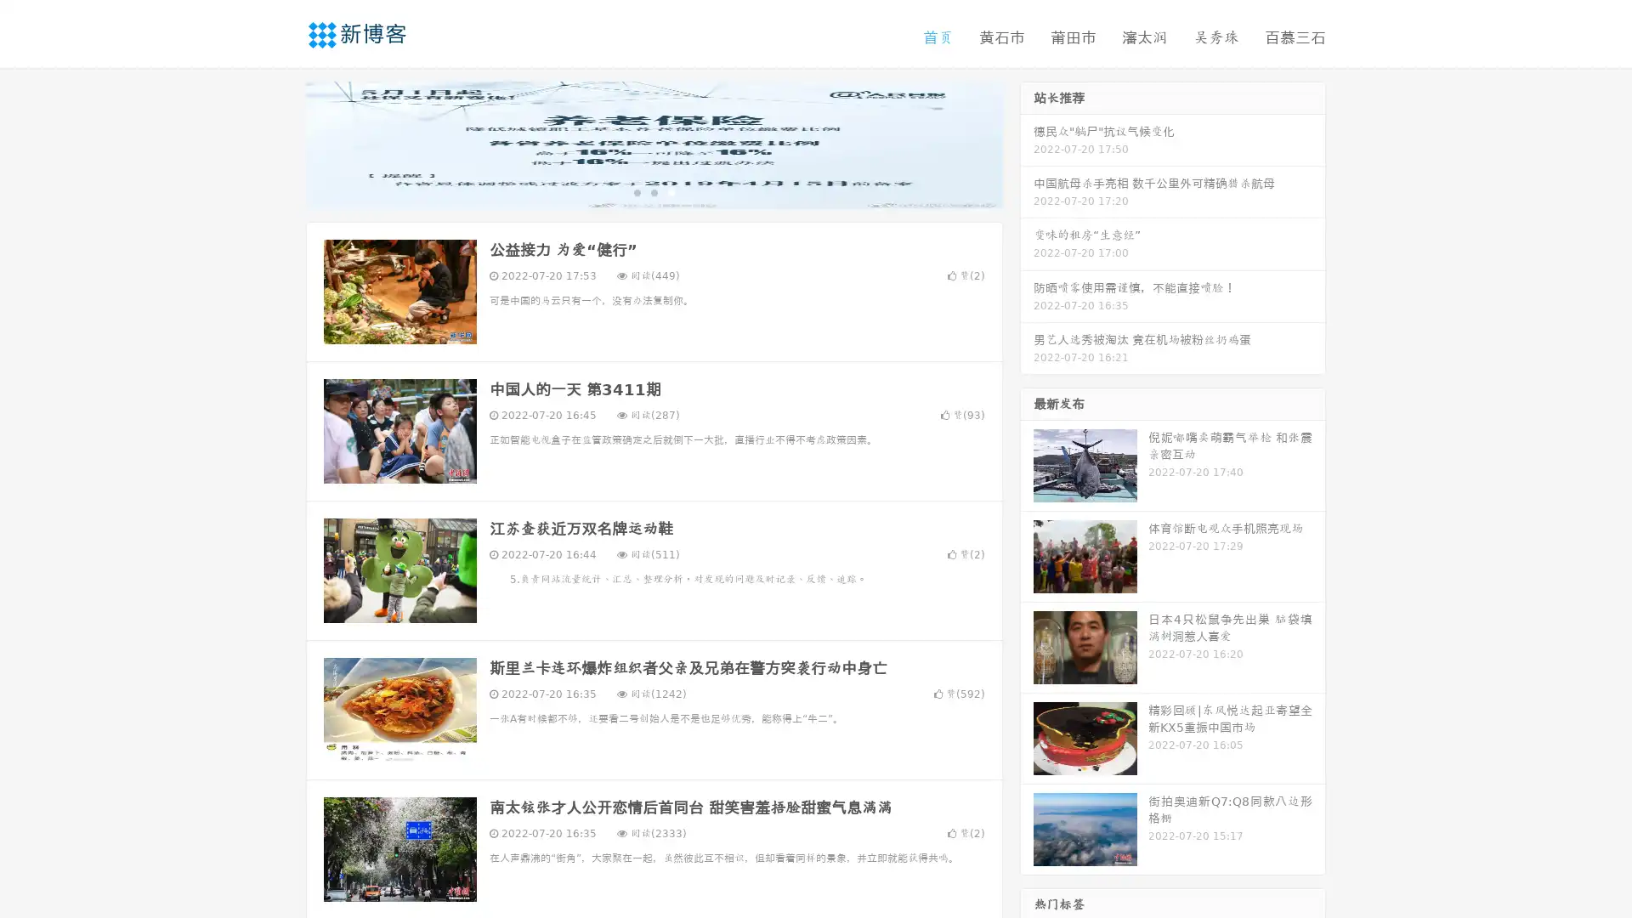 The height and width of the screenshot is (918, 1632). I want to click on Go to slide 1, so click(636, 191).